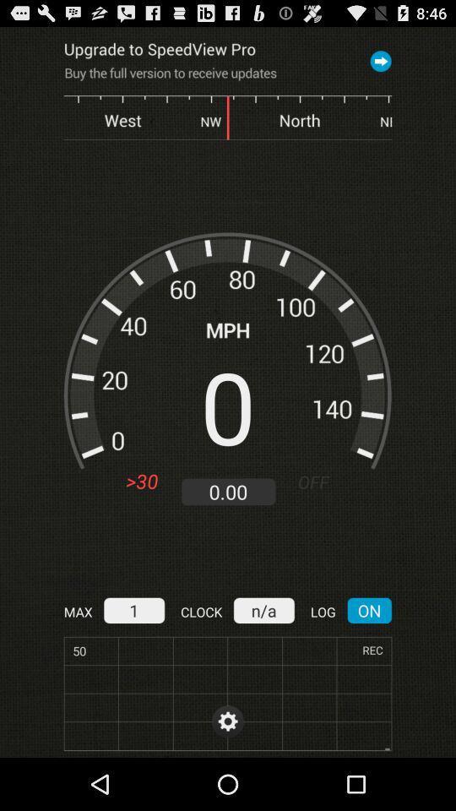  What do you see at coordinates (320, 482) in the screenshot?
I see `the app next to the 0.00` at bounding box center [320, 482].